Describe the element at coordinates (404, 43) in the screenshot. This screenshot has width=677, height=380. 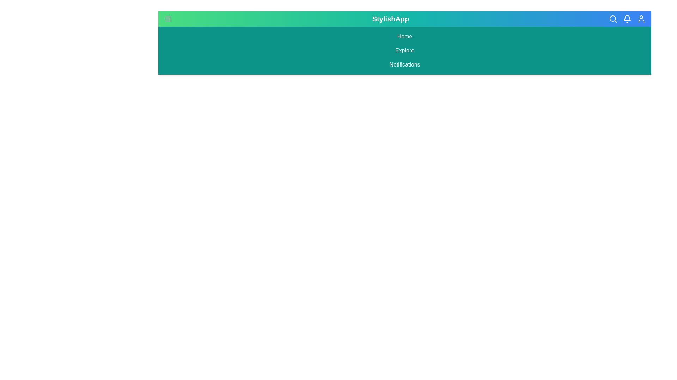
I see `the StylishAppBar to inspect its visual elements` at that location.